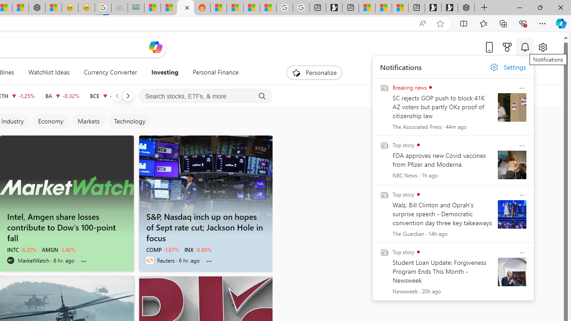  What do you see at coordinates (50, 121) in the screenshot?
I see `'Economy'` at bounding box center [50, 121].